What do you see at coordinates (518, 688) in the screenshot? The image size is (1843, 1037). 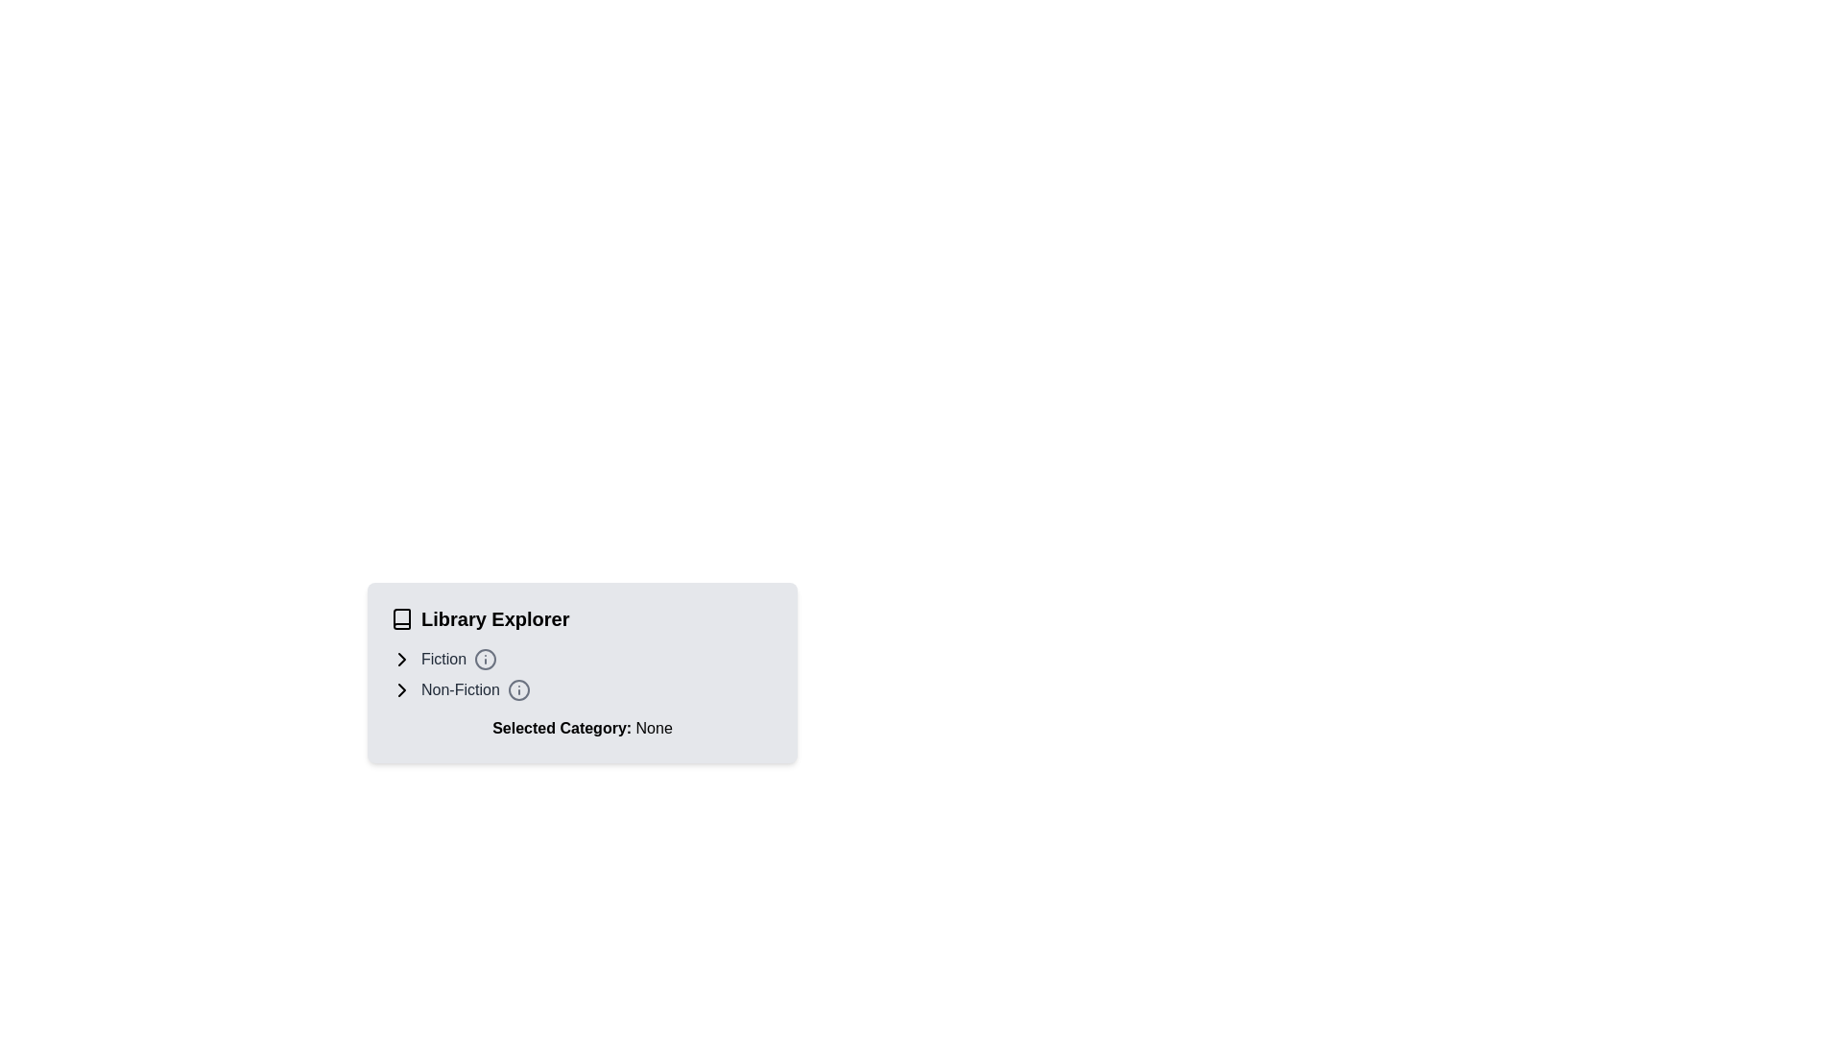 I see `the details displayed by the small circular info icon located immediately to the right of the 'Non-Fiction' text in the 'Library Explorer' section` at bounding box center [518, 688].